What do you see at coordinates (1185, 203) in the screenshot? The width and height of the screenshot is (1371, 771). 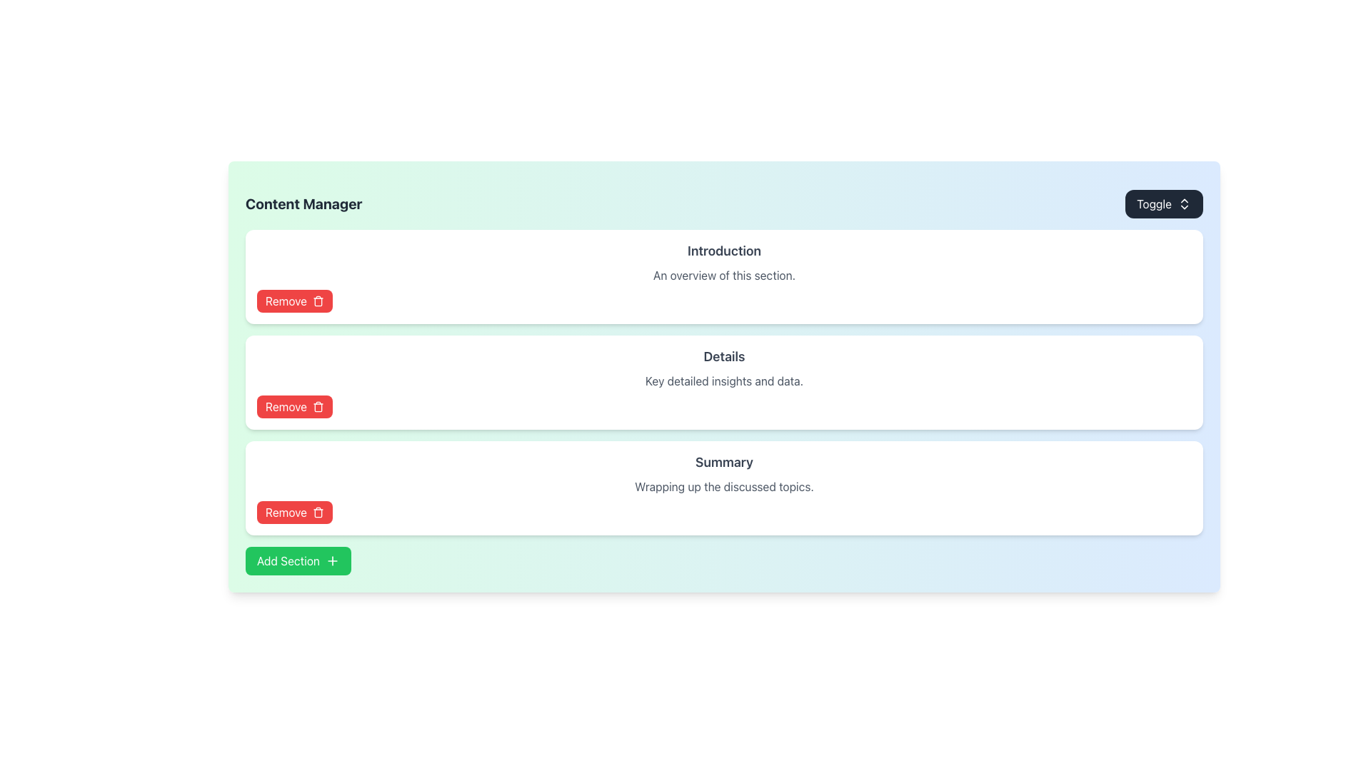 I see `the SVG Icon located within the 'Toggle' button at the top-right corner of the interface, which indicates a toggle or switching functionality` at bounding box center [1185, 203].